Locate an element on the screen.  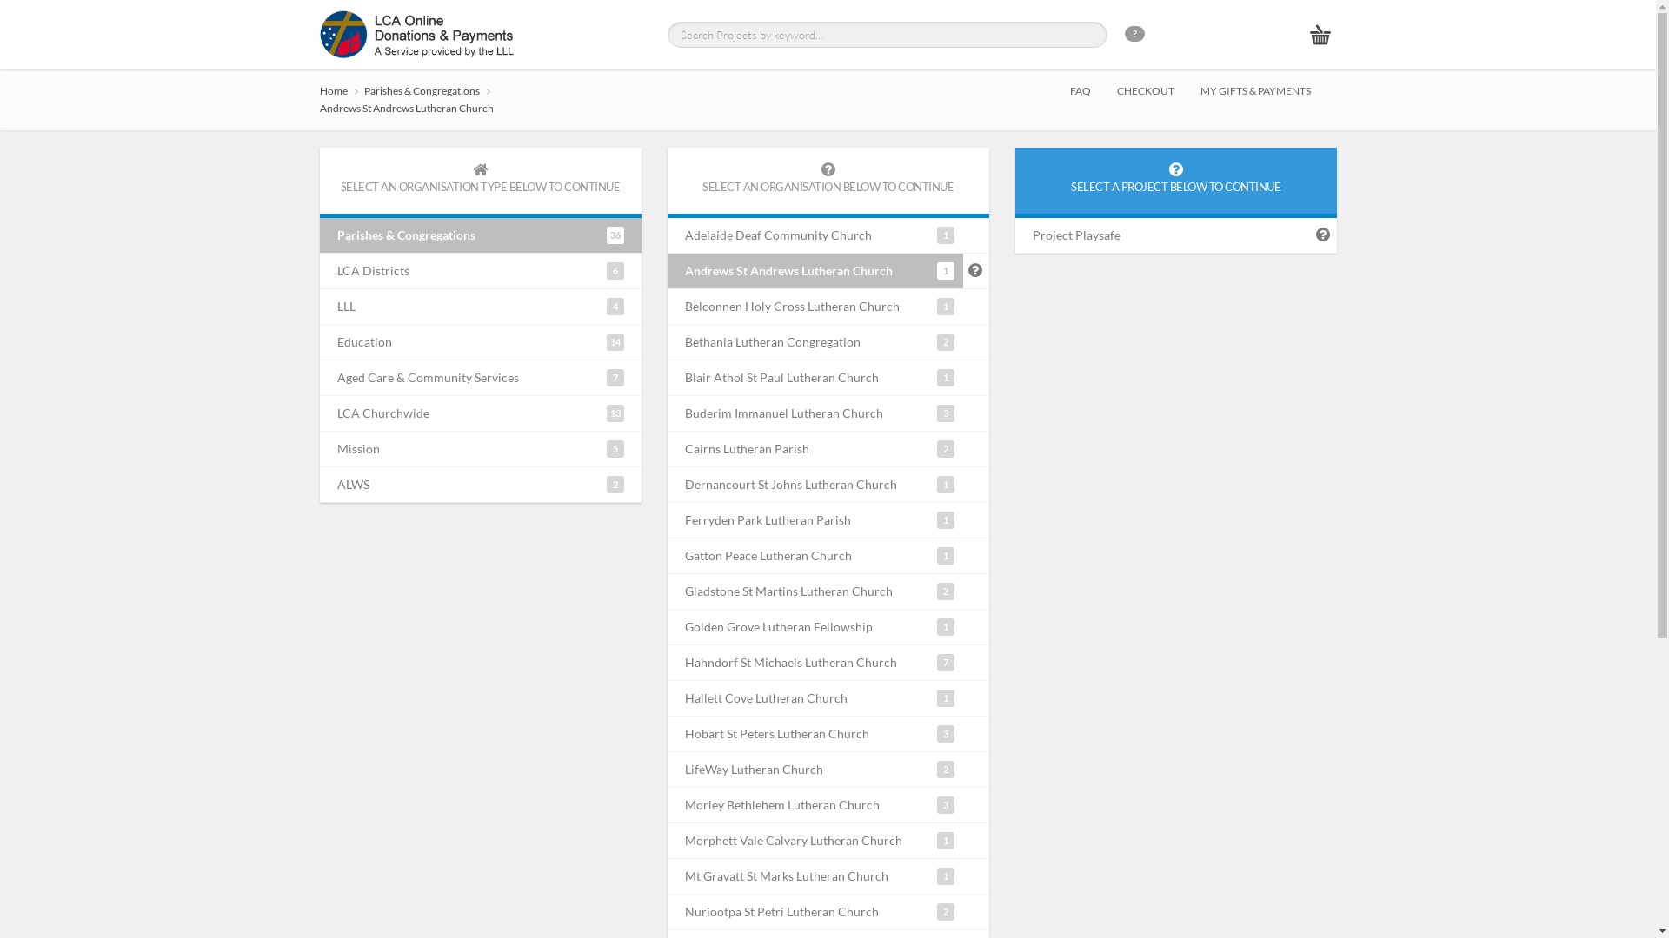
'1 is located at coordinates (814, 485).